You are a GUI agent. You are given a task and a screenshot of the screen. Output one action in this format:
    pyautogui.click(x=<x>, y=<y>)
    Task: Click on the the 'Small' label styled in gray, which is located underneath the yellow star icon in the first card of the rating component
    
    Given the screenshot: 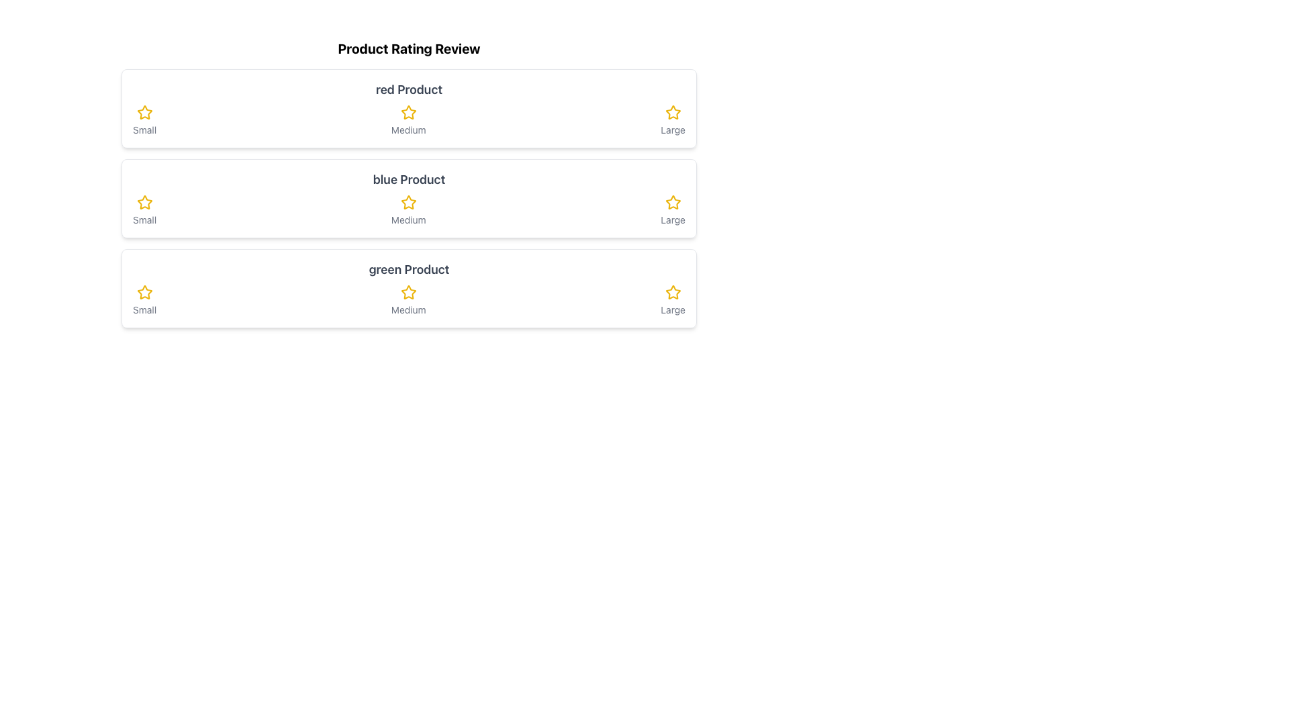 What is the action you would take?
    pyautogui.click(x=144, y=130)
    